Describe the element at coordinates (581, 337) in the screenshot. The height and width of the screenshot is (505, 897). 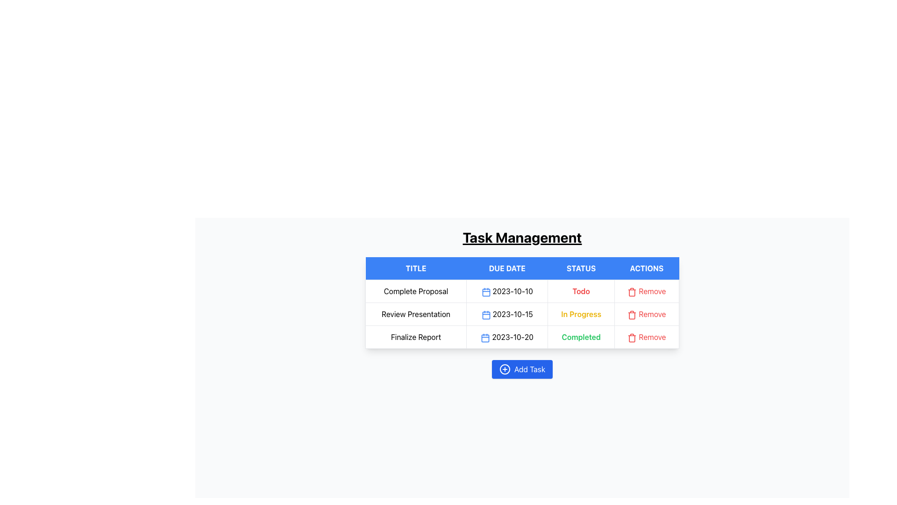
I see `the status text label indicating task completion, located in the third row under the 'STATUS' column next to the 'Remove' button` at that location.